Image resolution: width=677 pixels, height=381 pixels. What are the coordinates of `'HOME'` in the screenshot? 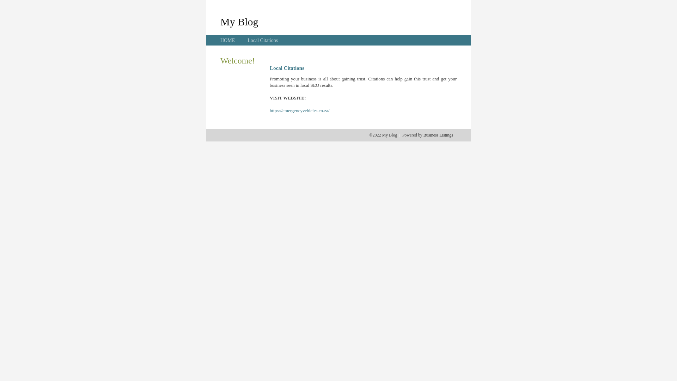 It's located at (227, 40).